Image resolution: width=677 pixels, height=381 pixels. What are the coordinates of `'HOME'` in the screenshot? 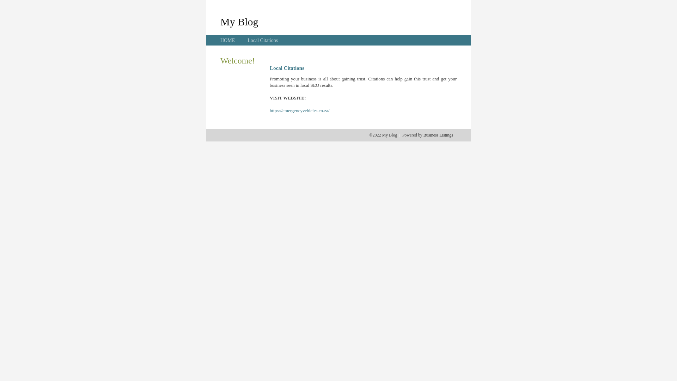 It's located at (227, 40).